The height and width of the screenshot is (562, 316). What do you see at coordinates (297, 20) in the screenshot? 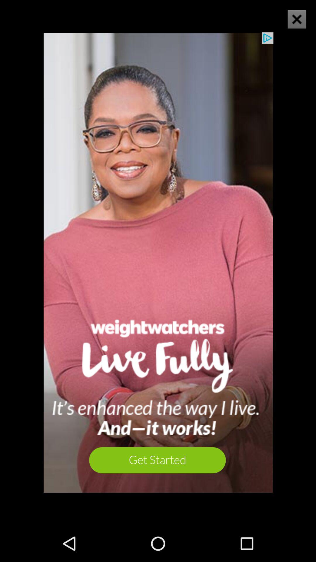
I see `the close icon` at bounding box center [297, 20].